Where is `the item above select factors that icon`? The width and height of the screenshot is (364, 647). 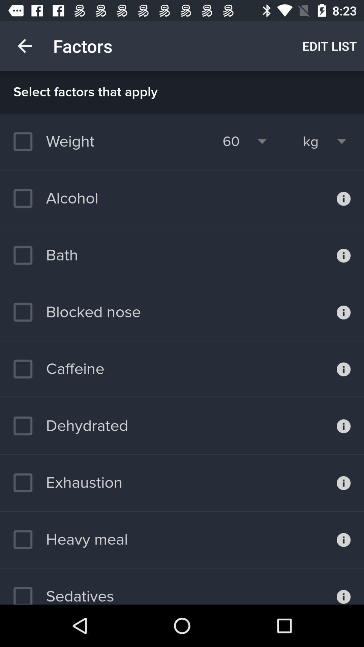 the item above select factors that icon is located at coordinates (24, 45).